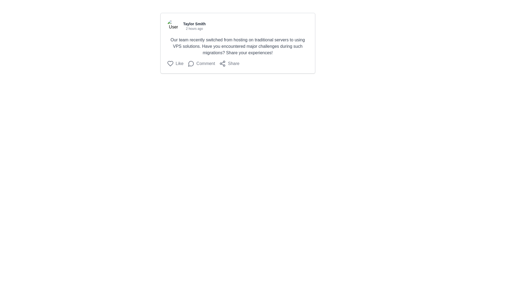 The image size is (516, 290). What do you see at coordinates (170, 63) in the screenshot?
I see `the heart-shaped icon located at the bottom-left of the post card layout to like the post by Taylor Smith` at bounding box center [170, 63].